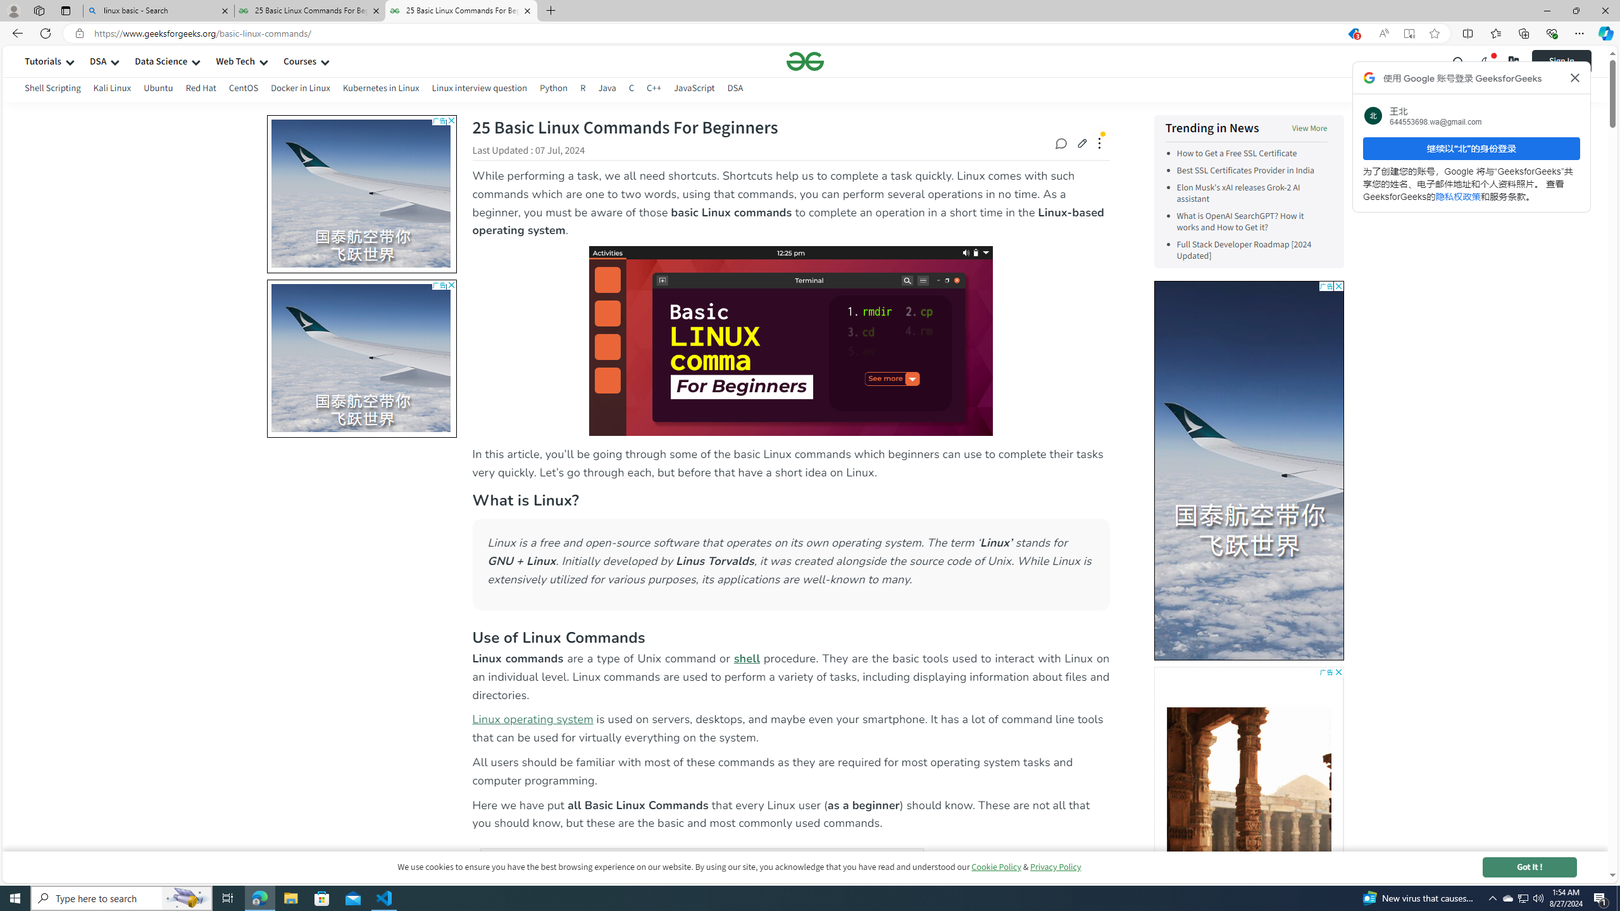 The height and width of the screenshot is (911, 1620). What do you see at coordinates (158, 10) in the screenshot?
I see `'linux basic - Search'` at bounding box center [158, 10].